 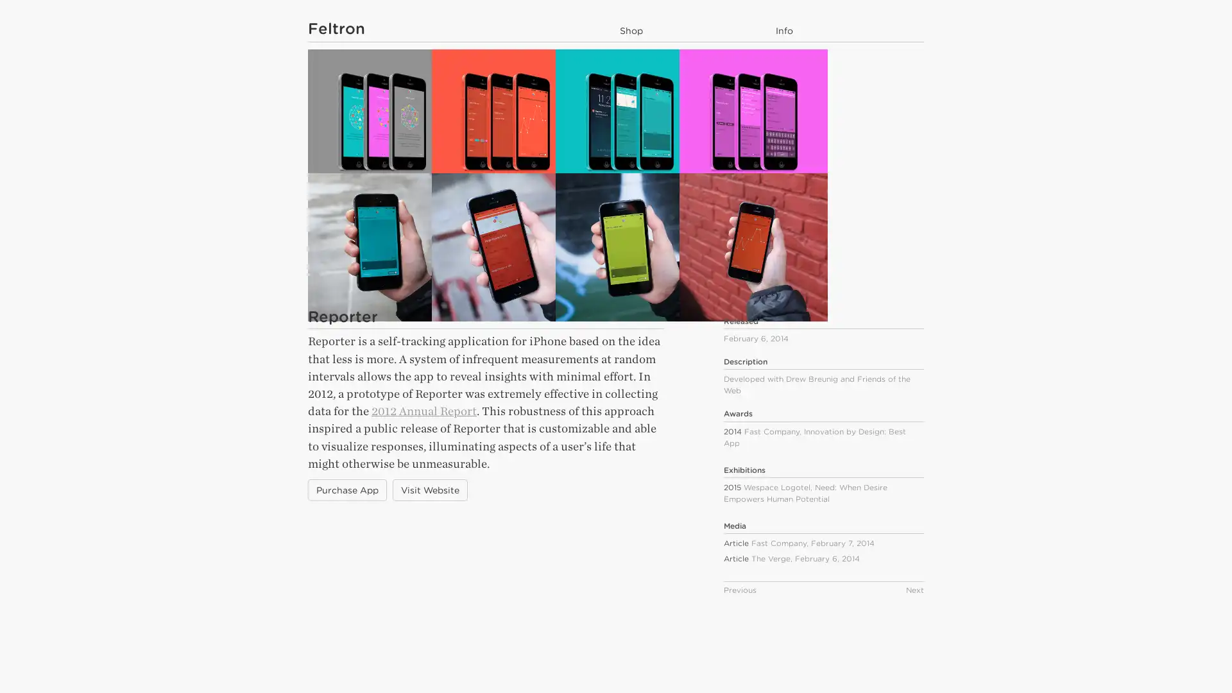 What do you see at coordinates (347, 553) in the screenshot?
I see `Purchase App` at bounding box center [347, 553].